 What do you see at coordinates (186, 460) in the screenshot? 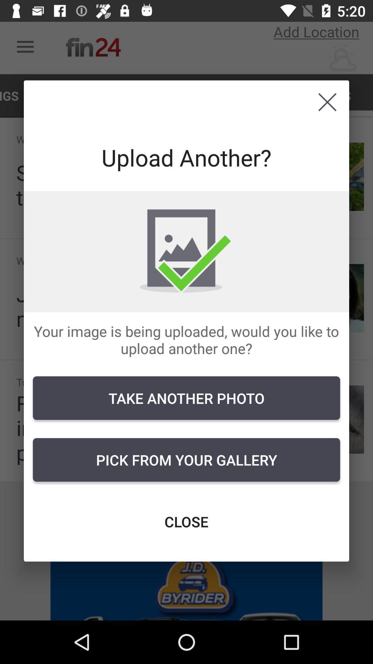
I see `the pick from your icon` at bounding box center [186, 460].